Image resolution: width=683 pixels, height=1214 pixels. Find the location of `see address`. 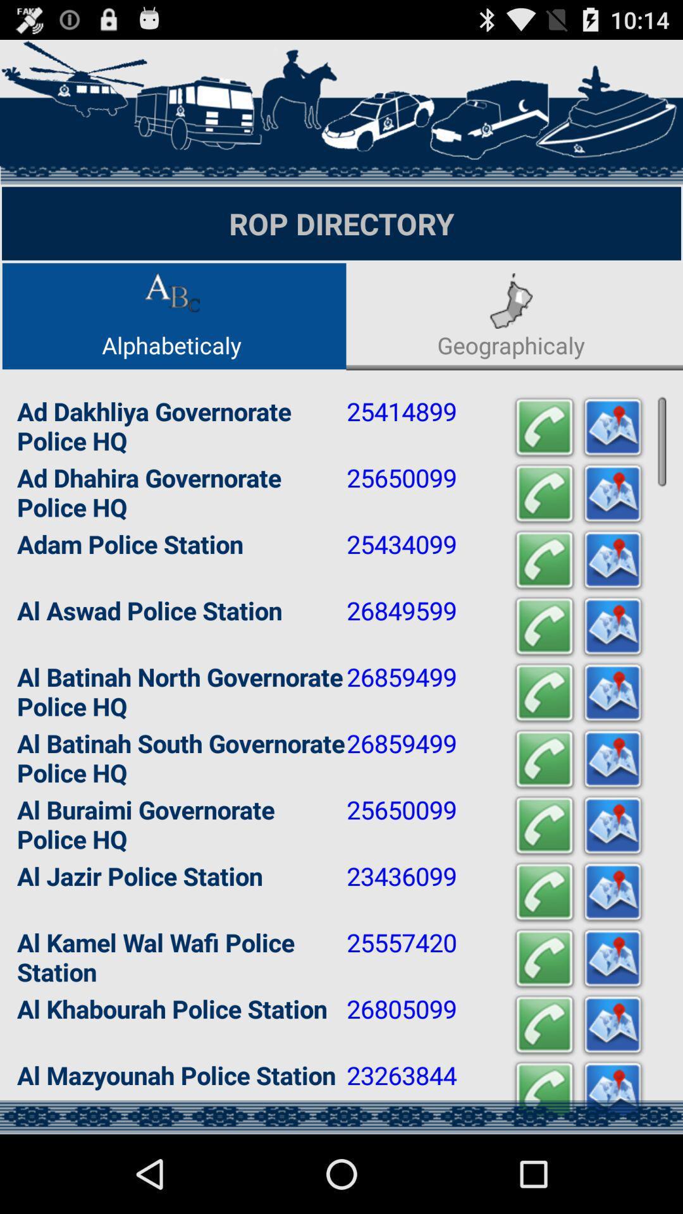

see address is located at coordinates (612, 493).